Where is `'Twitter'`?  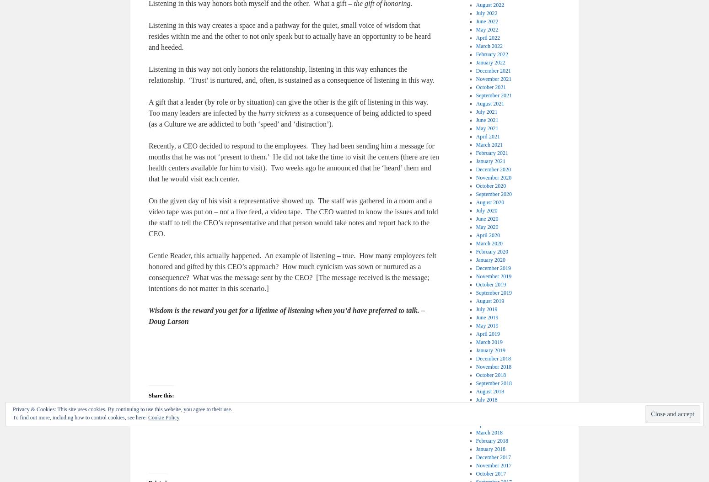
'Twitter' is located at coordinates (223, 415).